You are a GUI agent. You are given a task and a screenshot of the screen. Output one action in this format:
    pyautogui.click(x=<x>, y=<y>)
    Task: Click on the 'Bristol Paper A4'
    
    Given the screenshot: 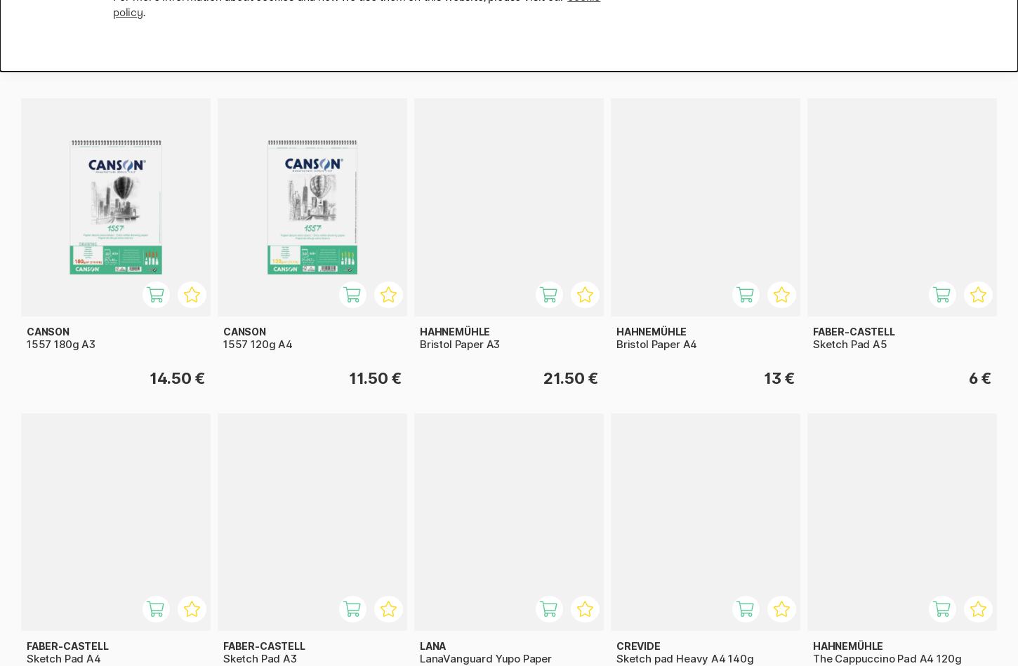 What is the action you would take?
    pyautogui.click(x=656, y=342)
    